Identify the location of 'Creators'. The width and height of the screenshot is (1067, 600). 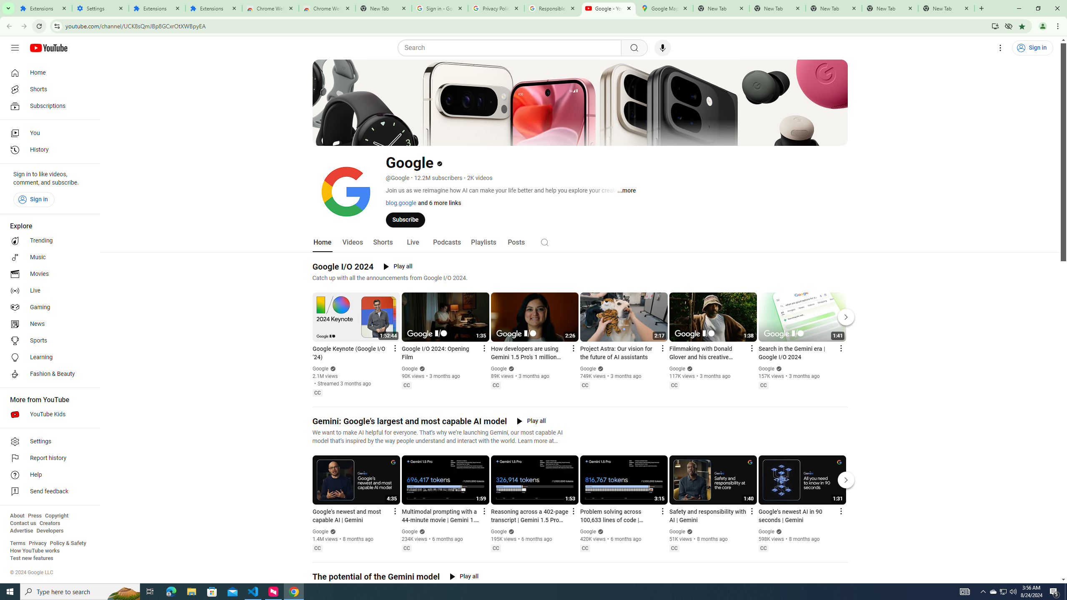
(50, 523).